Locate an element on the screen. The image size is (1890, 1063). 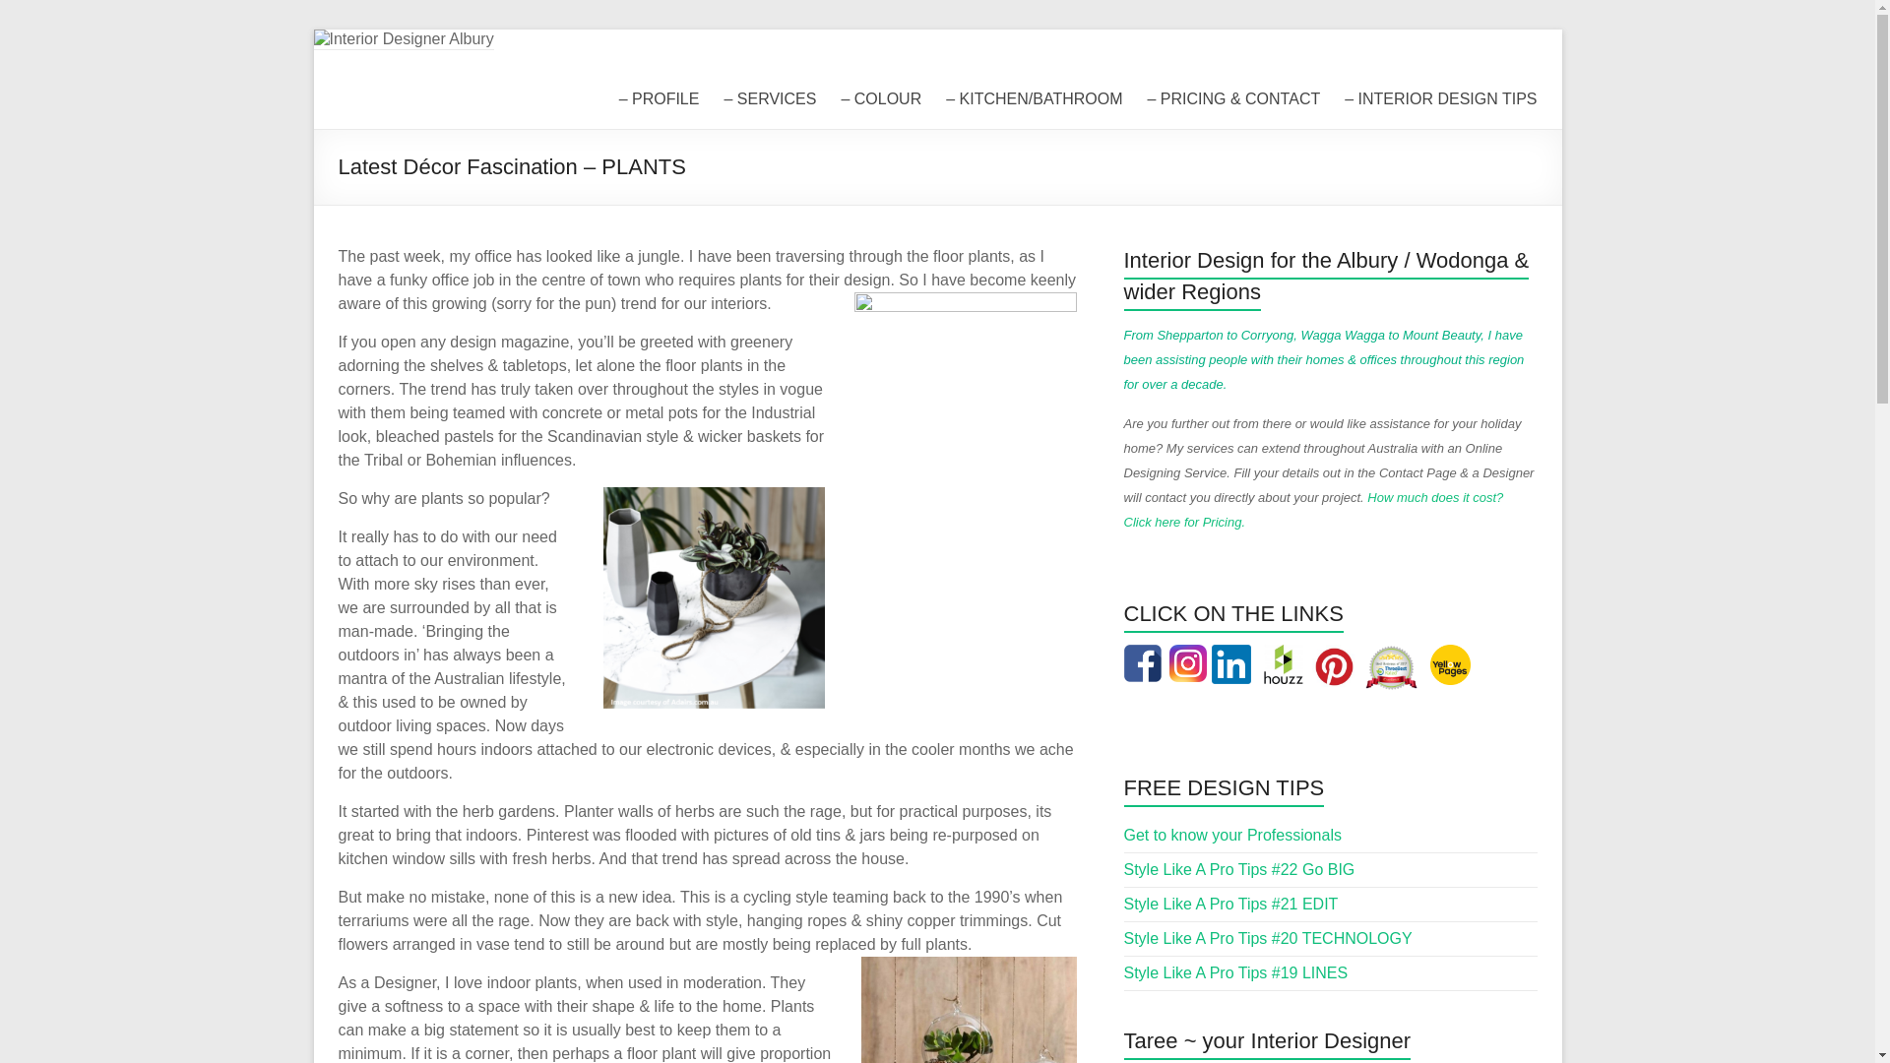
'Style Like A Pro Tips #21 EDIT' is located at coordinates (1230, 904).